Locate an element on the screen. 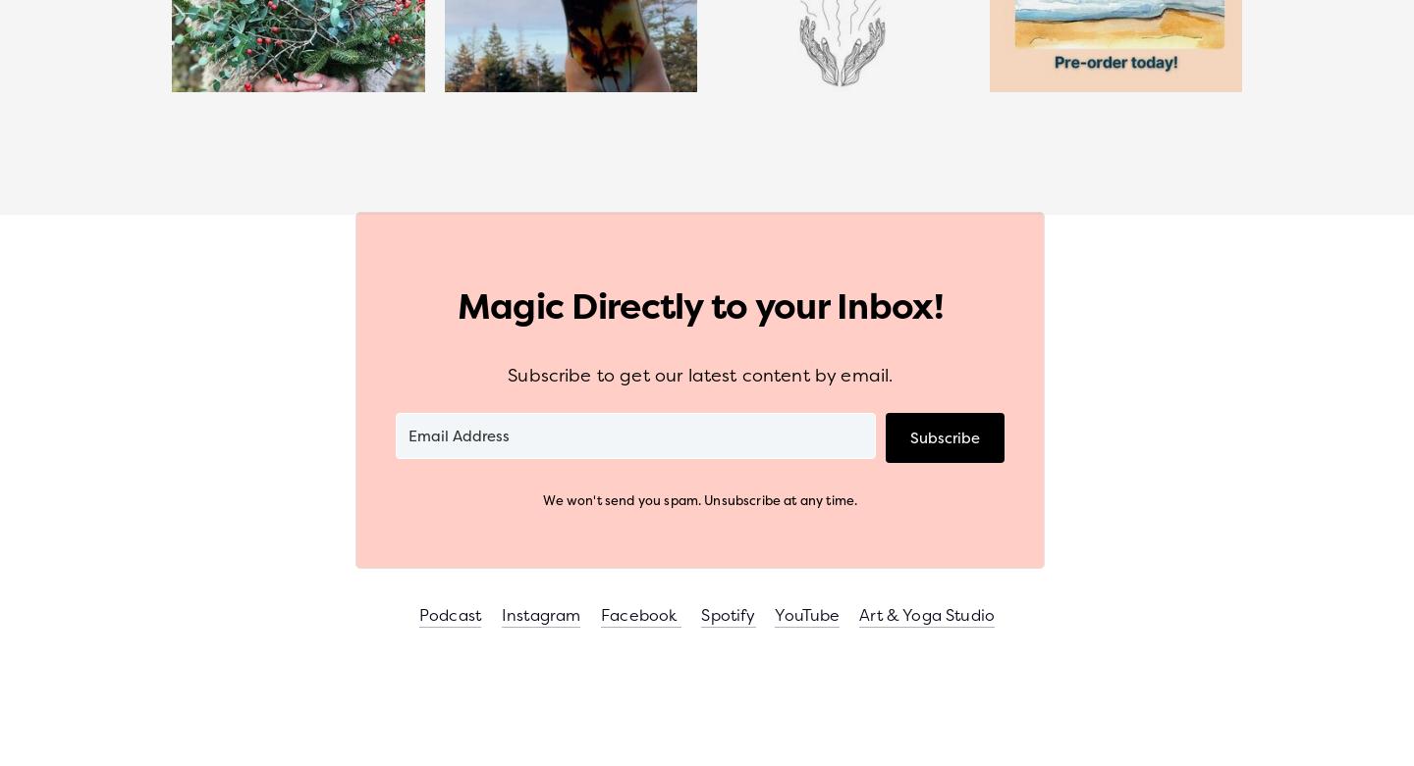 Image resolution: width=1414 pixels, height=766 pixels. 'Spotify' is located at coordinates (727, 614).